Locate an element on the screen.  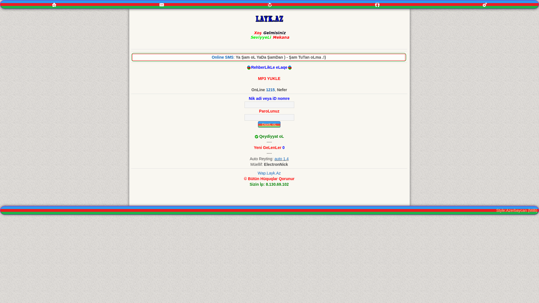
'Style:Azerbaycan (Milli)' is located at coordinates (517, 210).